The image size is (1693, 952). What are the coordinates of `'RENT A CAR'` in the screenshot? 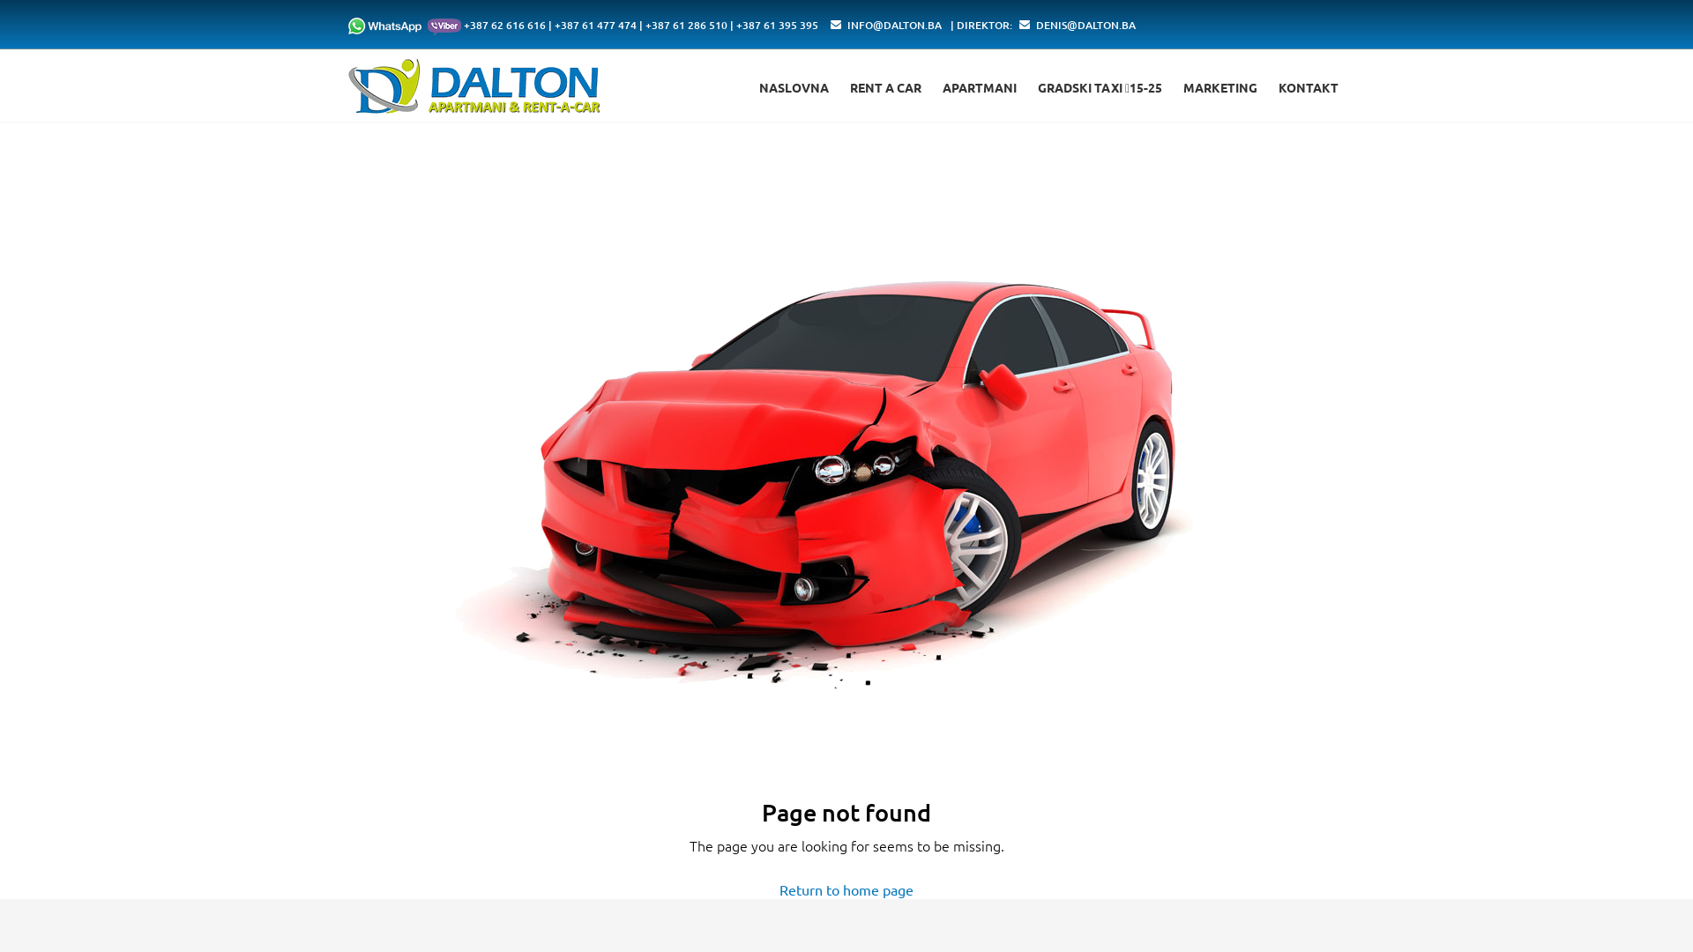 It's located at (885, 87).